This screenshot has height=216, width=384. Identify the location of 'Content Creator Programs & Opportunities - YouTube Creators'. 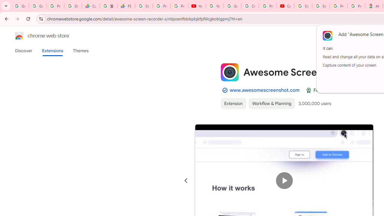
(285, 6).